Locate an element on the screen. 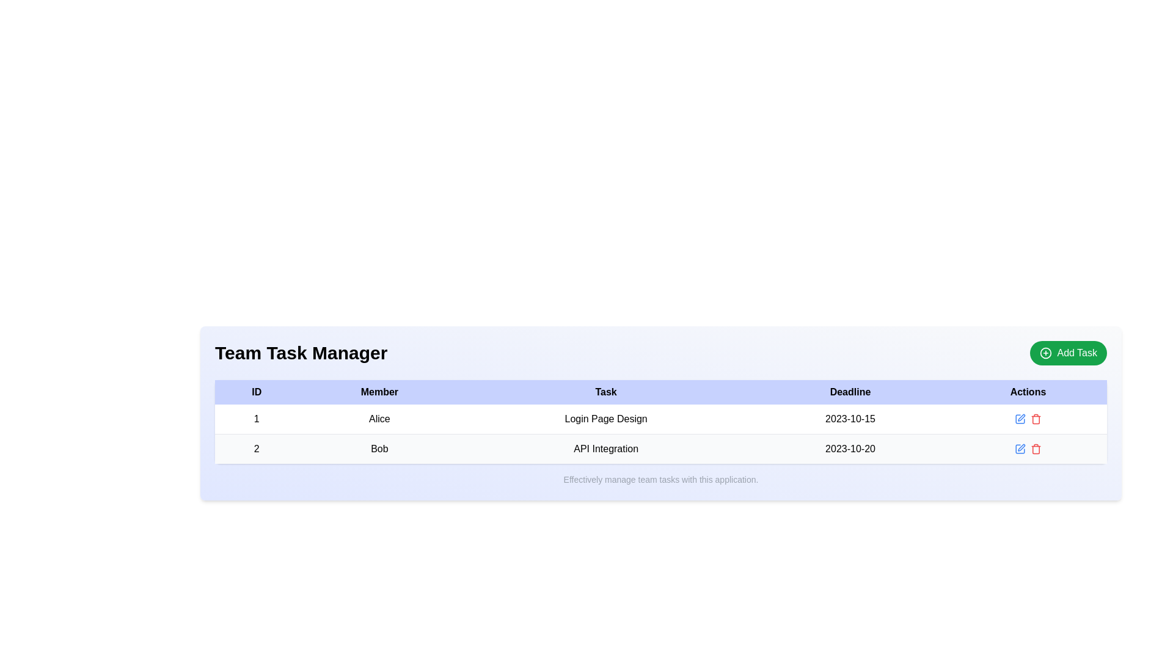  the text label reading 'API Integration' located in the third column of the second row of a table, which indicates a task or project name for the member 'Bob' is located at coordinates (606, 449).